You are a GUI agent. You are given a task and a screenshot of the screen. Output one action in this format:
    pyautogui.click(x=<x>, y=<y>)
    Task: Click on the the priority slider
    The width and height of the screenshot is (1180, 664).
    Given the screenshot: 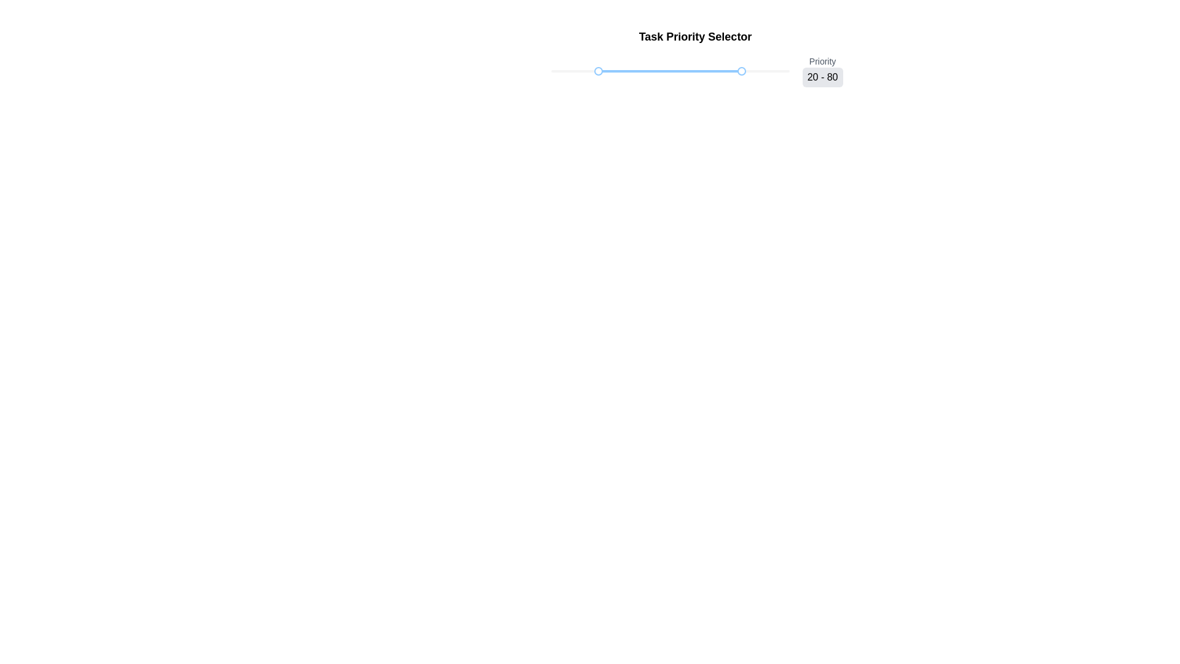 What is the action you would take?
    pyautogui.click(x=760, y=71)
    